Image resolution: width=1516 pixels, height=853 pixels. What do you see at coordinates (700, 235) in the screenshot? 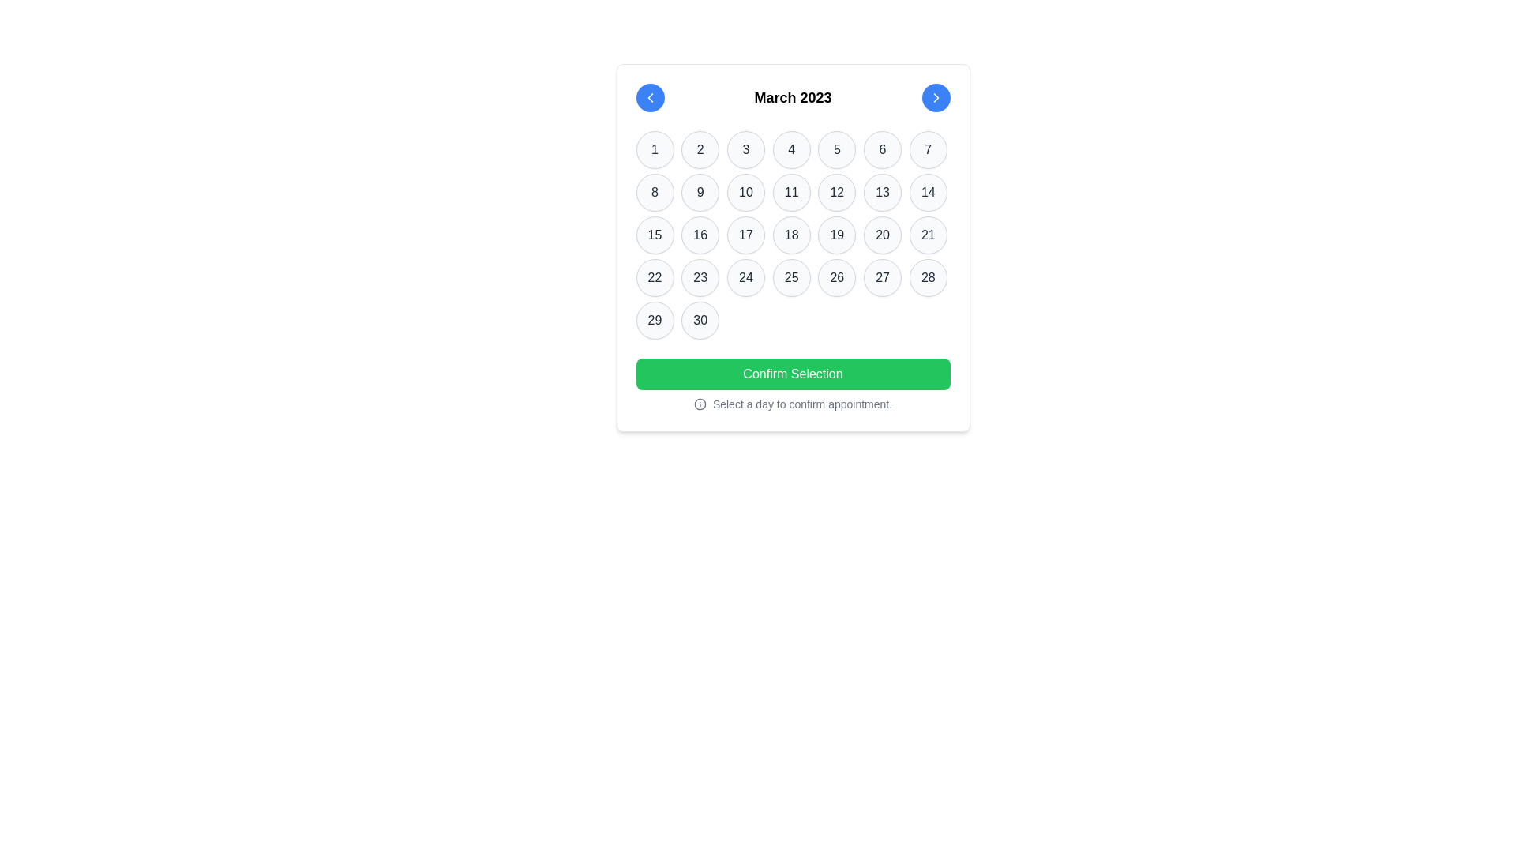
I see `the circular button displaying the number '16'` at bounding box center [700, 235].